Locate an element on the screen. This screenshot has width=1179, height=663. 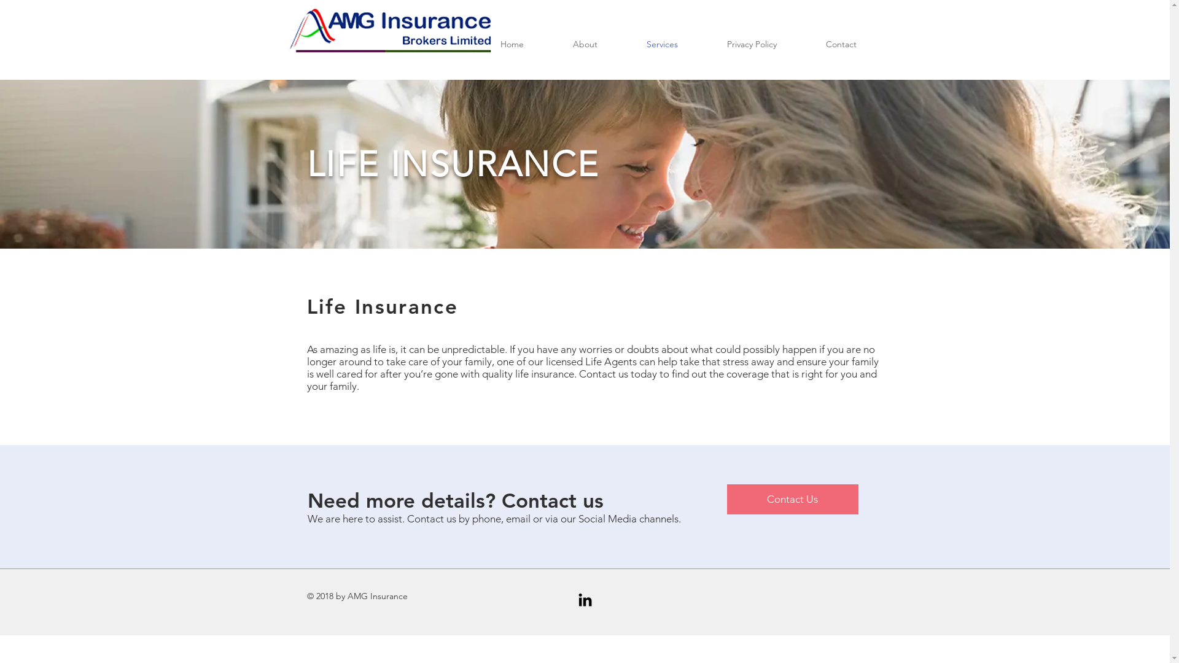
'Privacy Policy' is located at coordinates (751, 44).